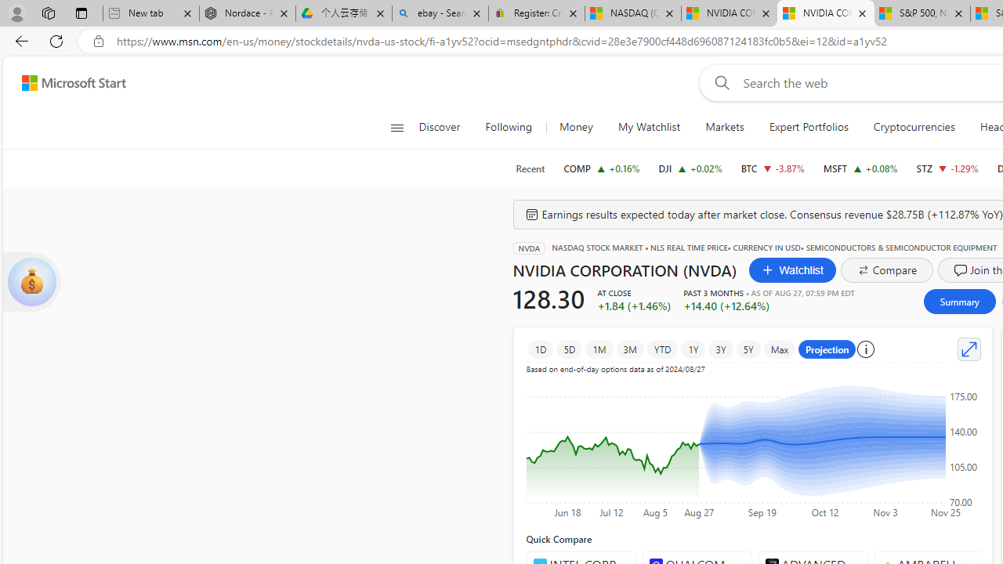  Describe the element at coordinates (946, 168) in the screenshot. I see `'STZ CONSTELLATION BRANDS, INC. decrease 239.98 -3.13 -1.29%'` at that location.